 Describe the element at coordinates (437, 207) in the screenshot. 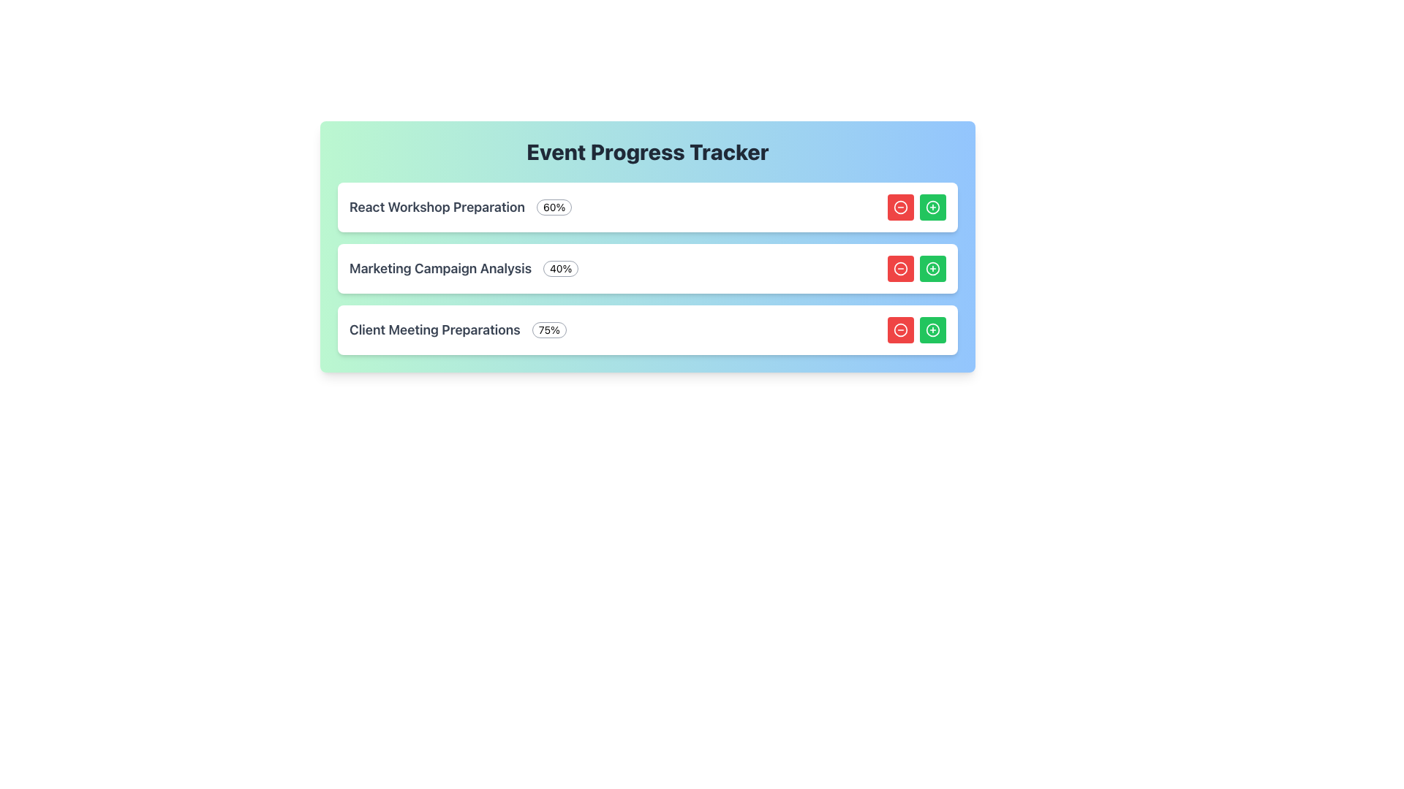

I see `text label that reads 'React Workshop Preparation', which is the first text label in a vertically stacked list of tasks, styled in bold dark gray font` at that location.